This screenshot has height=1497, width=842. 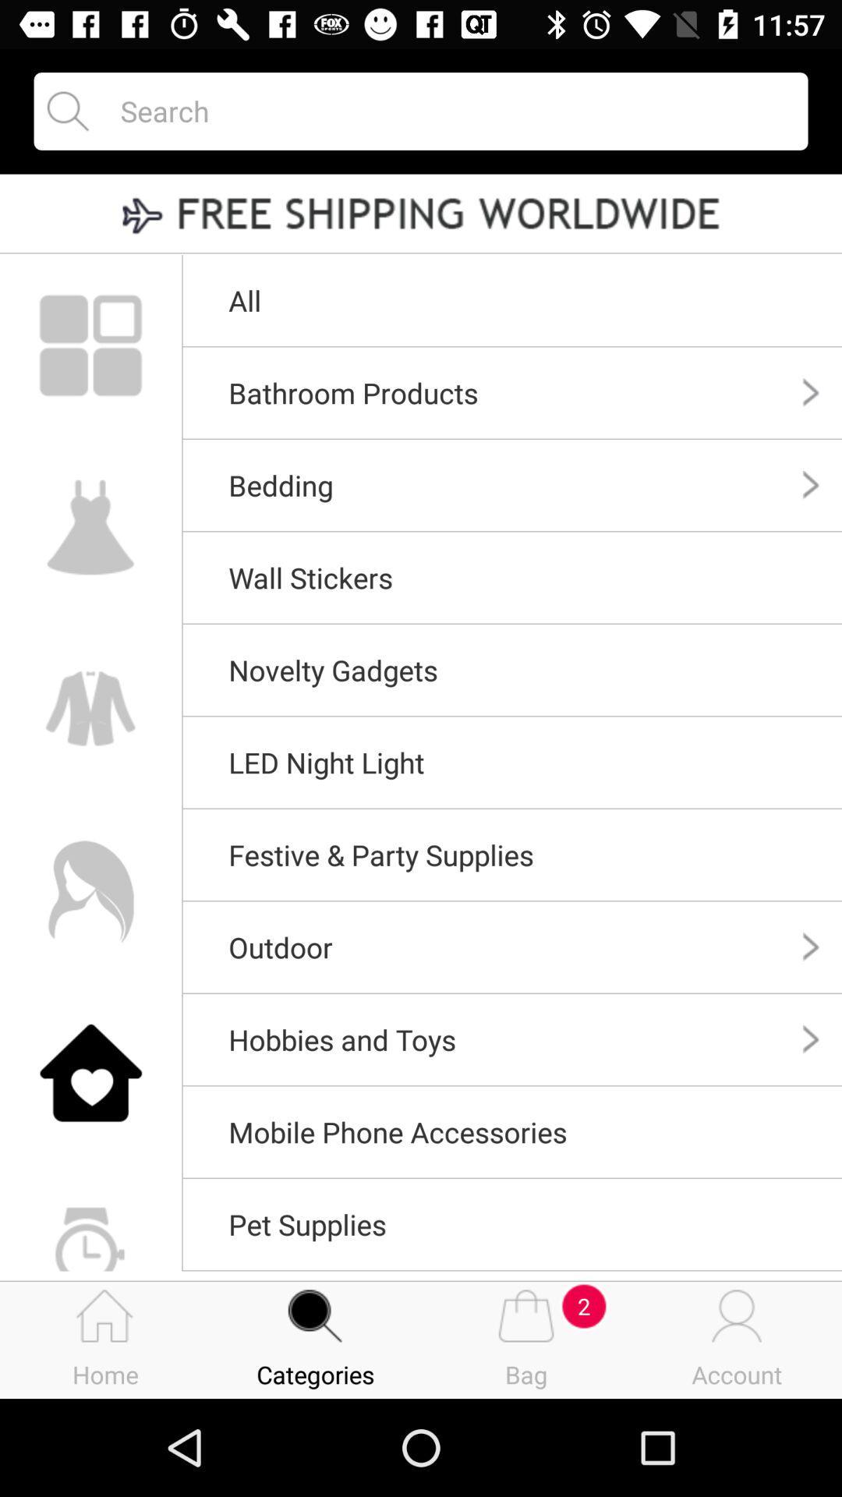 What do you see at coordinates (421, 214) in the screenshot?
I see `free shipping worldwide button` at bounding box center [421, 214].